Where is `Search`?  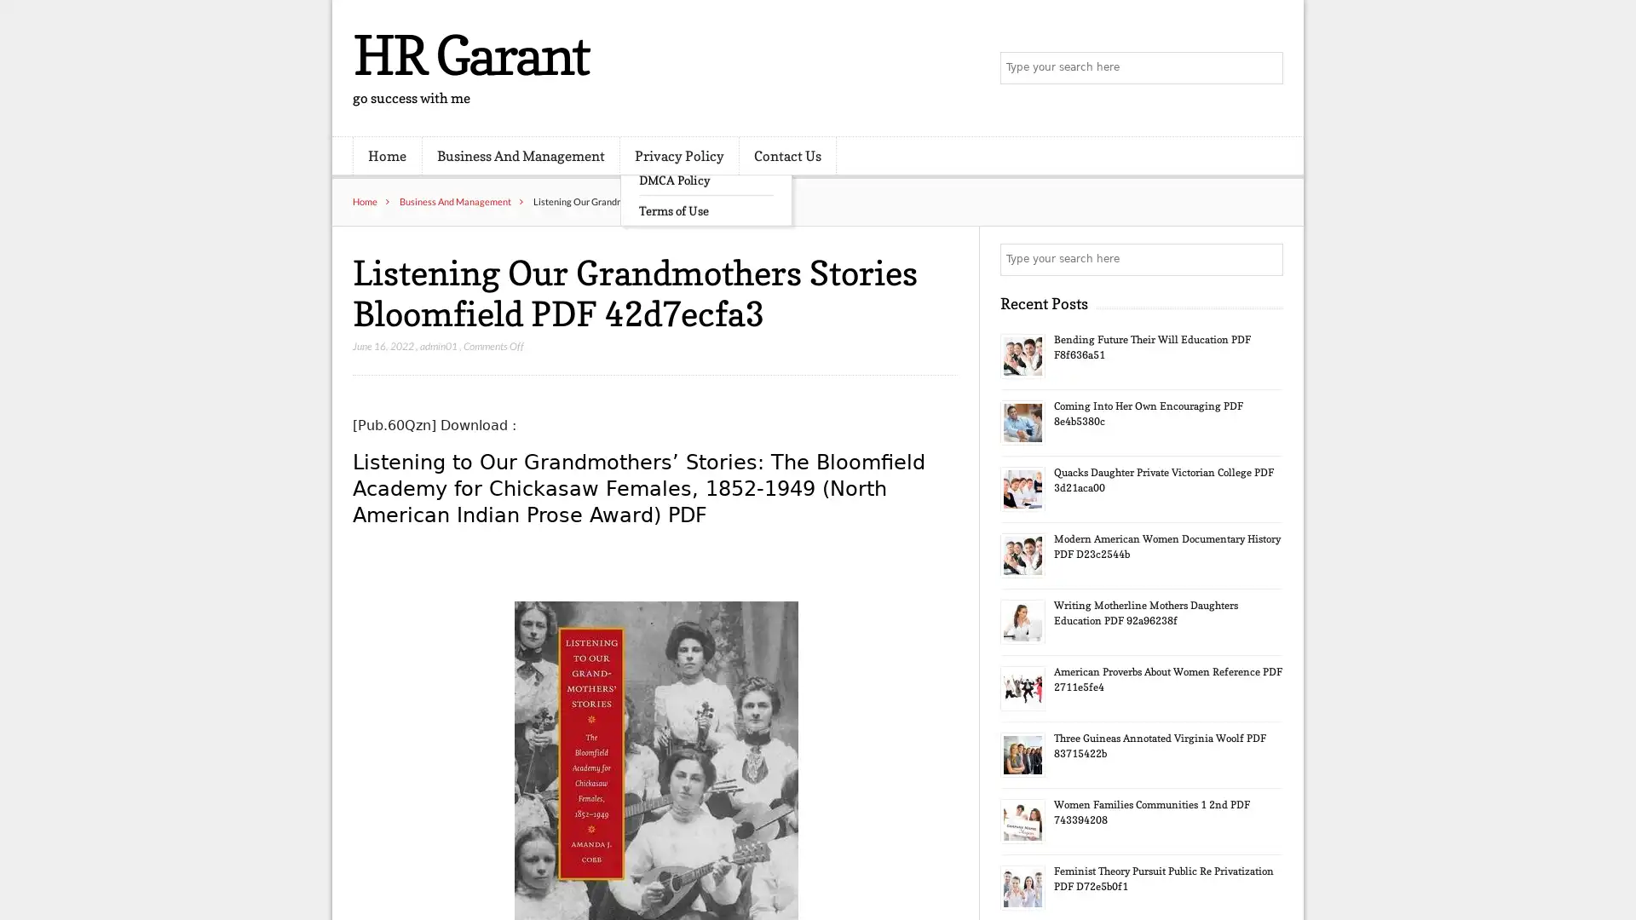 Search is located at coordinates (1265, 259).